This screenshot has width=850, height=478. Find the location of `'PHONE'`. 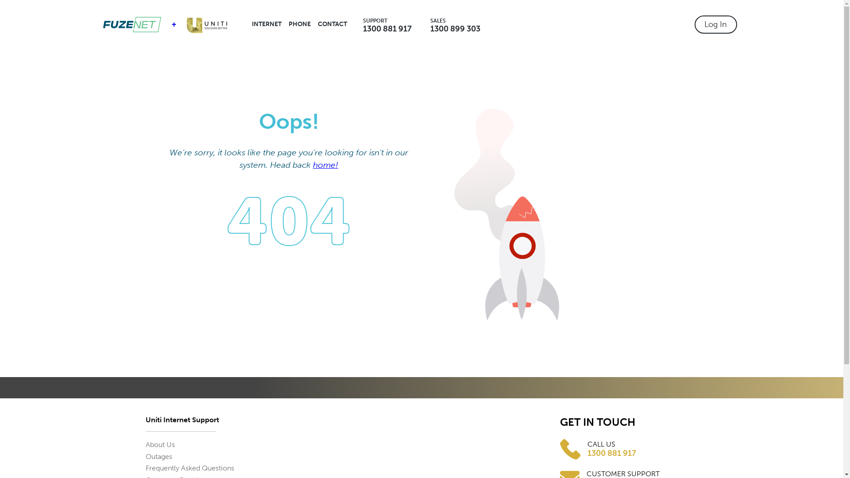

'PHONE' is located at coordinates (299, 23).